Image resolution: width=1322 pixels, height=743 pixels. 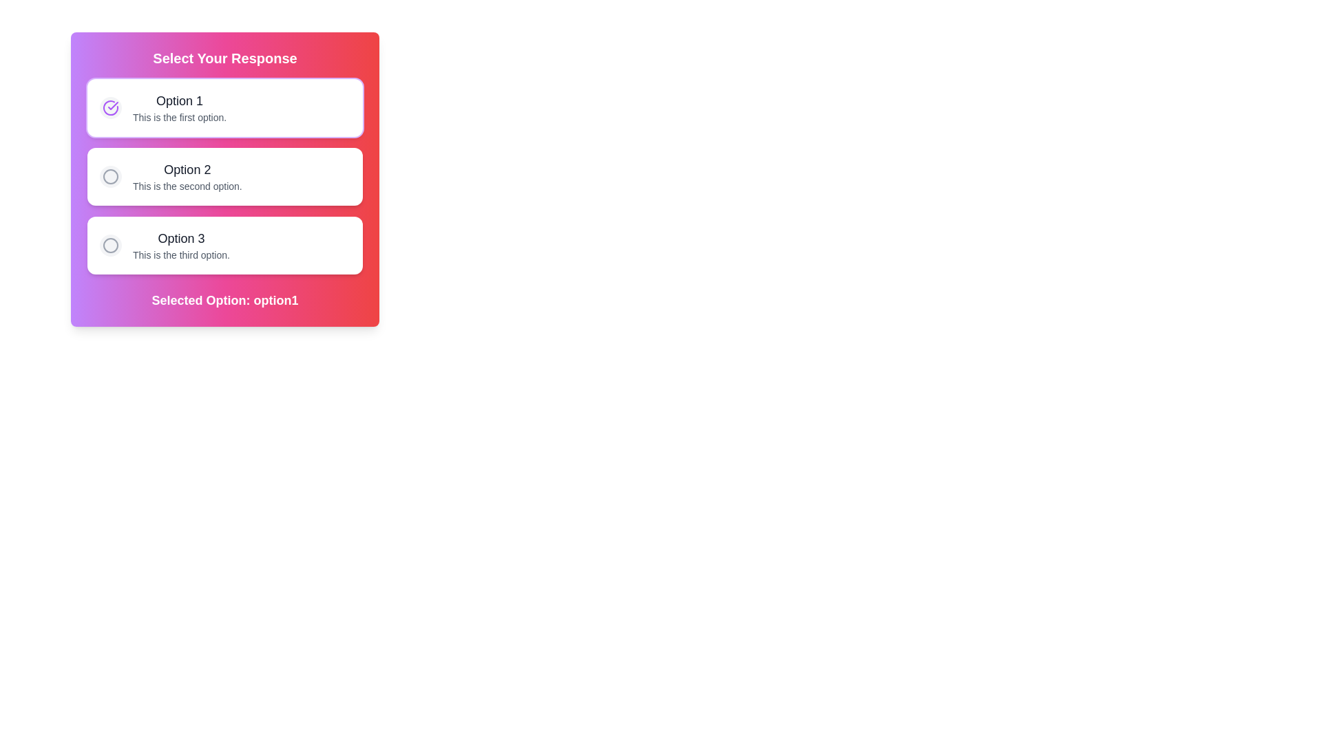 I want to click on the second radio button option in a vertical list, so click(x=224, y=179).